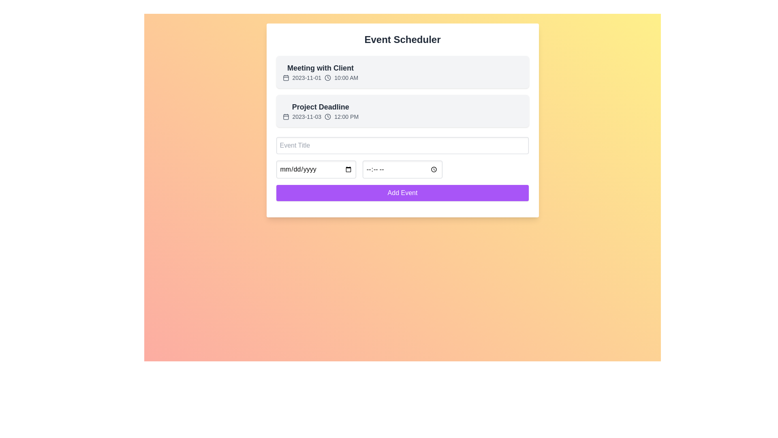 Image resolution: width=778 pixels, height=438 pixels. What do you see at coordinates (402, 39) in the screenshot?
I see `the 'Event Scheduler' text label which is styled prominently in bold and larger font at the top of the card component` at bounding box center [402, 39].